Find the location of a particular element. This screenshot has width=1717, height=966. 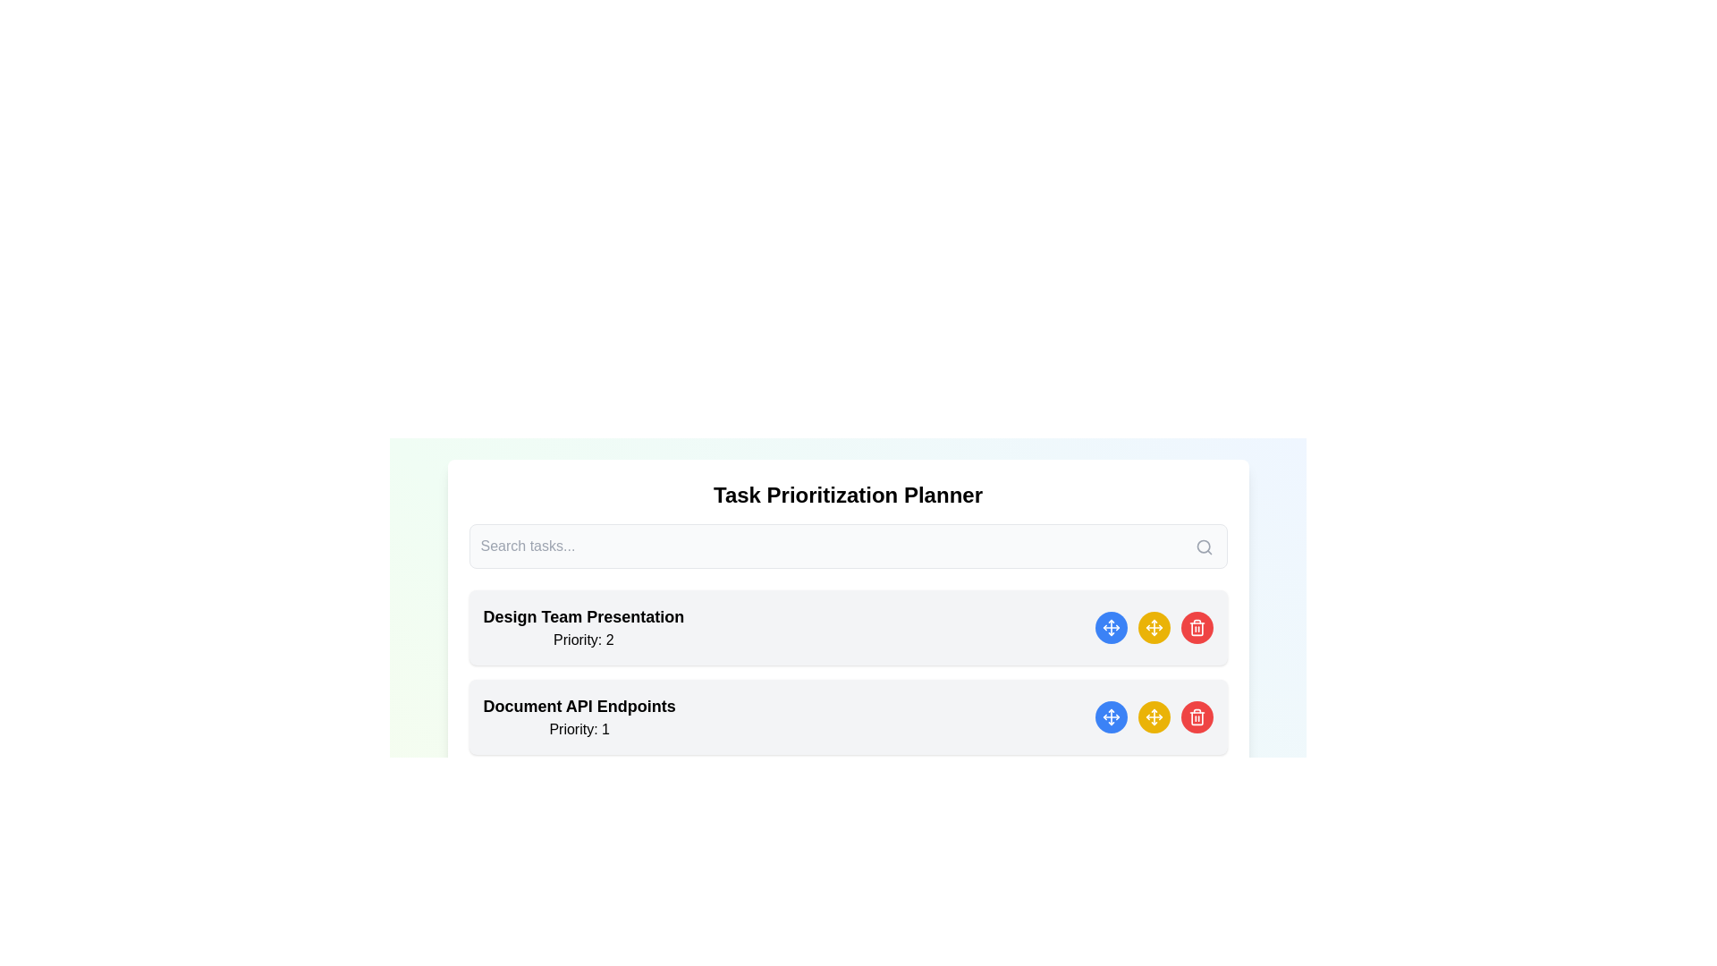

the delete button, which is the third icon in the group of controls on the right side of the task labeled 'Design Team Presentation', to initiate the deletion of the task is located at coordinates (1197, 627).